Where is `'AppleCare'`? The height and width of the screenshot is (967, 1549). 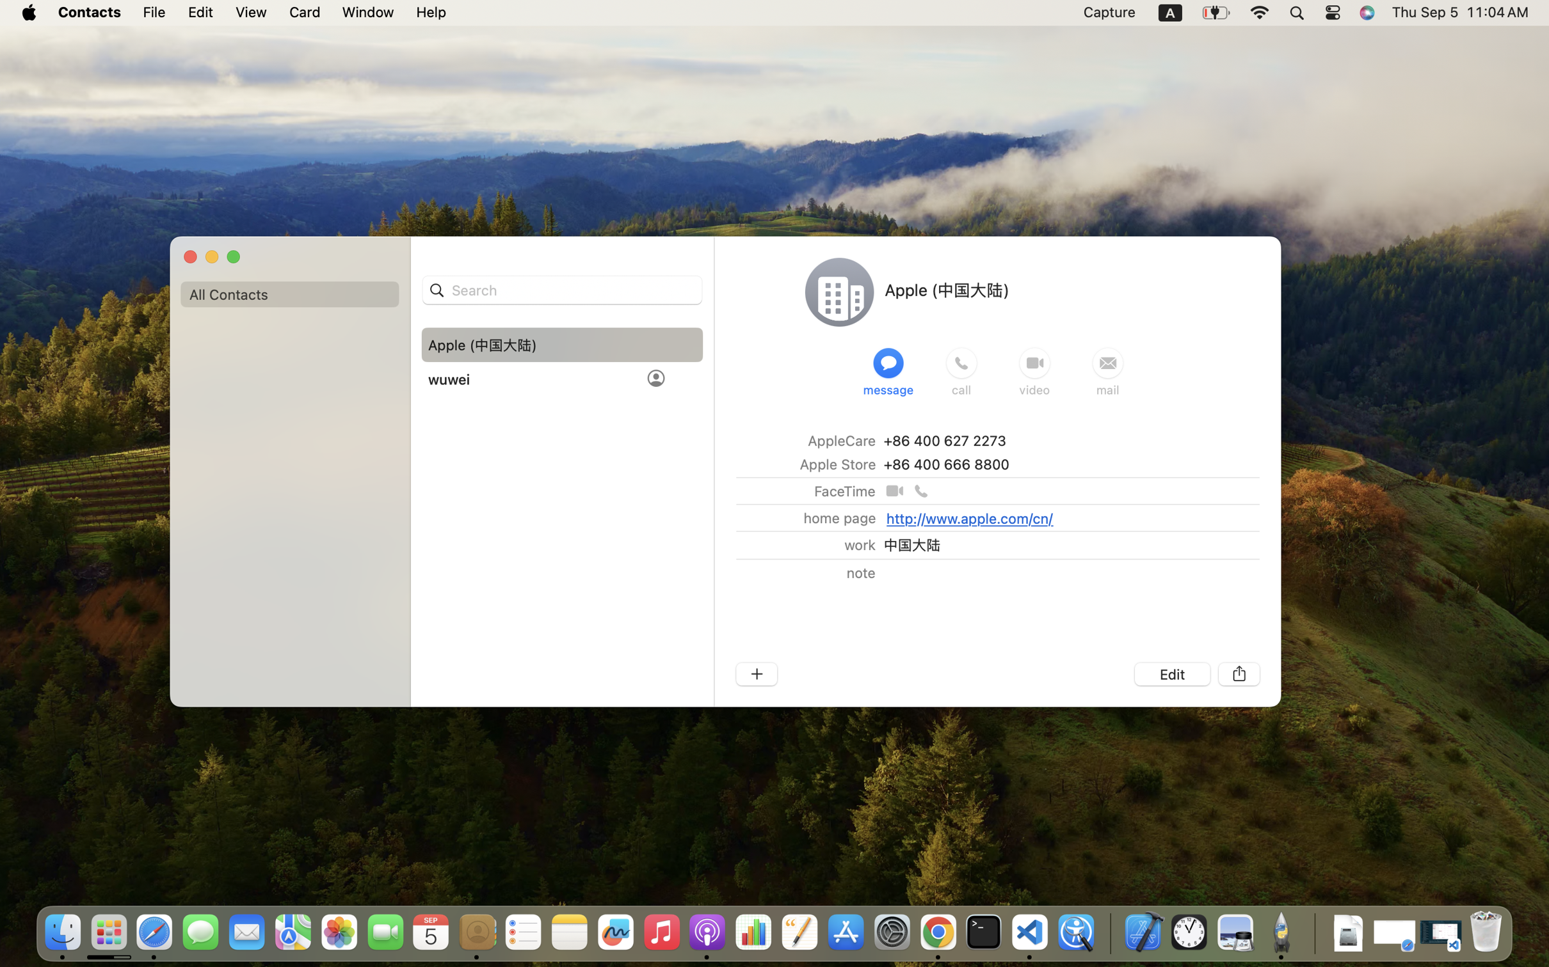 'AppleCare' is located at coordinates (840, 439).